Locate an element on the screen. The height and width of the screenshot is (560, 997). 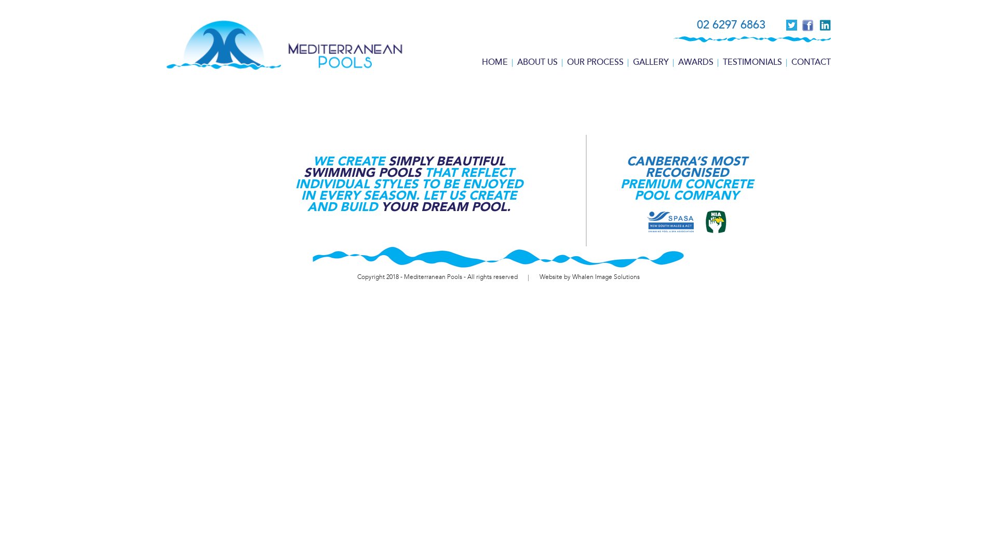
'AWARDS' is located at coordinates (678, 62).